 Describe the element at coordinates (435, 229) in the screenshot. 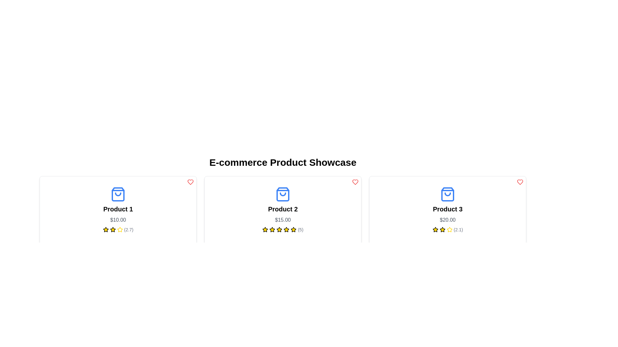

I see `the visual state of the first star icon in the rating system for 'Product 3', which is located beneath the product card` at that location.